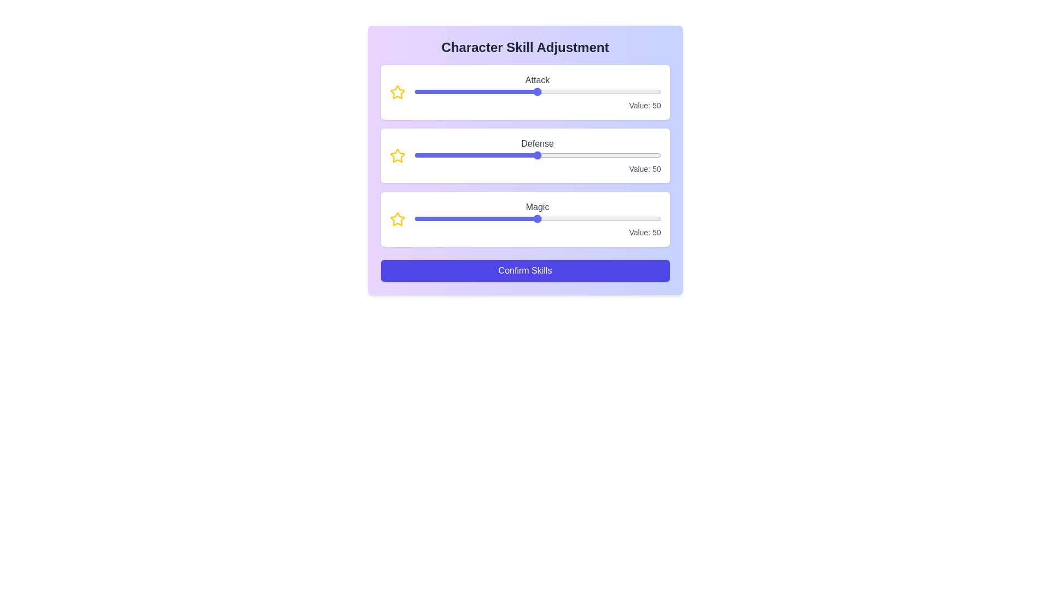  I want to click on the 1 slider to 24, so click(567, 155).